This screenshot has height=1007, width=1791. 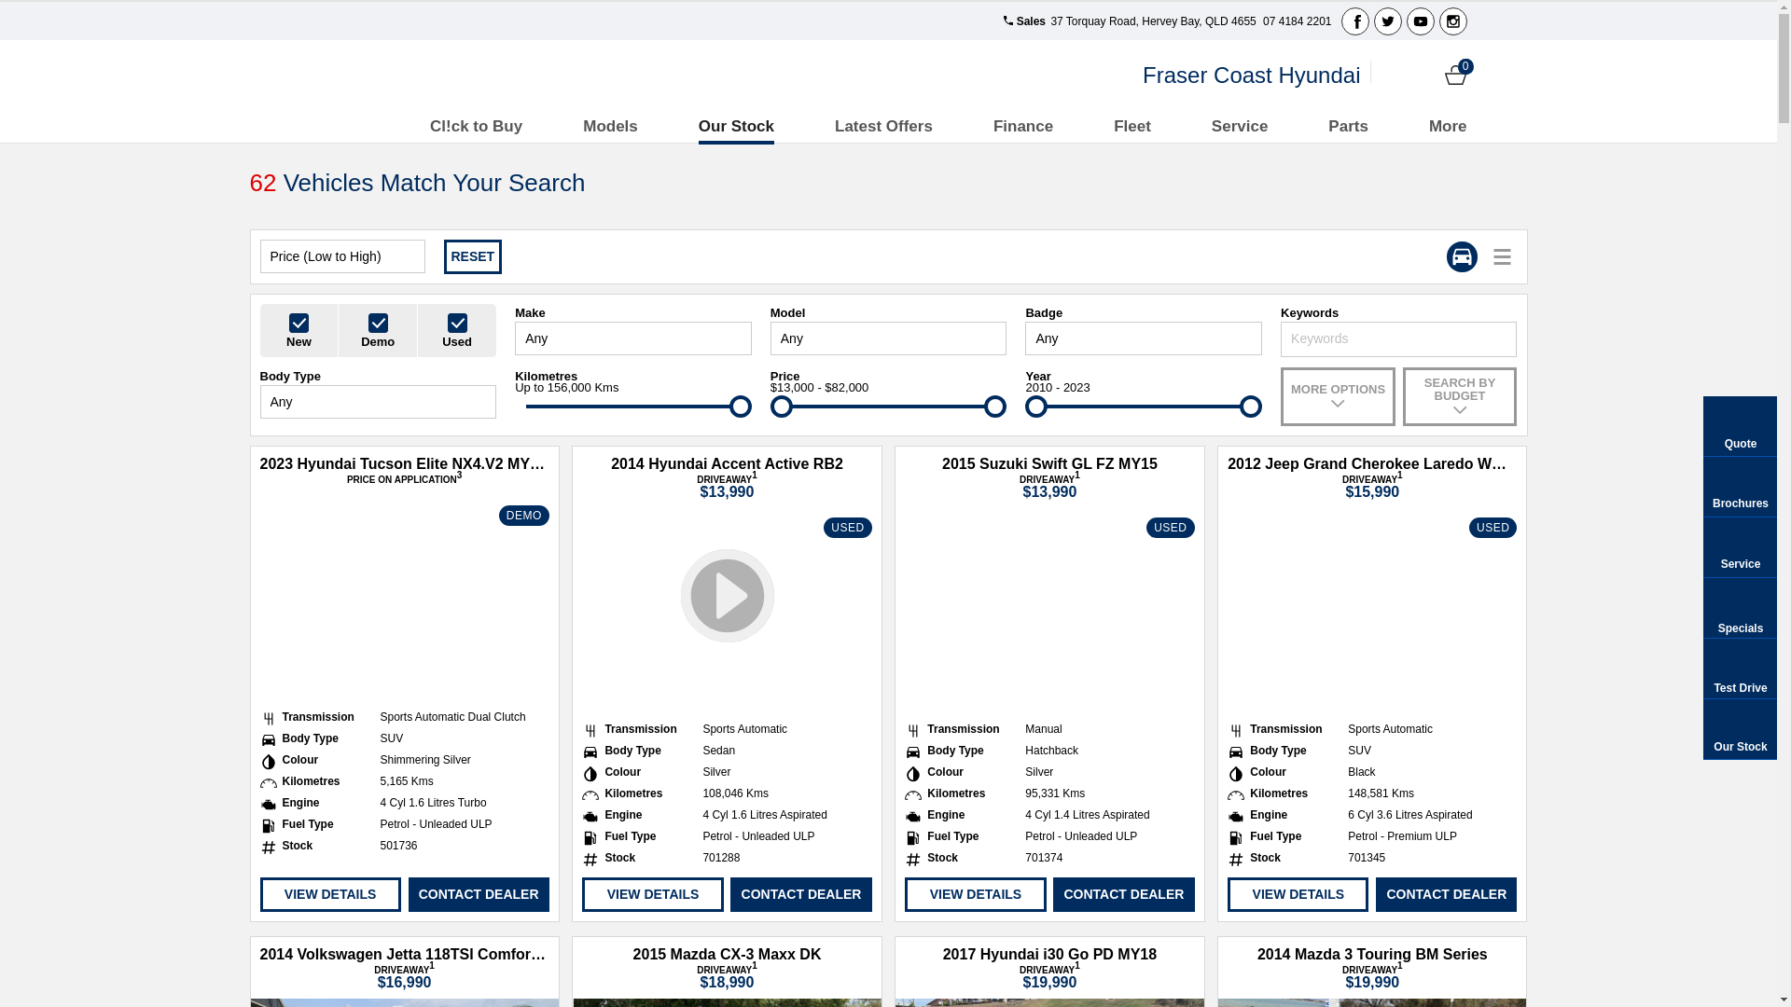 I want to click on '37 Torquay Road, Hervey Bay, QLD 4655', so click(x=1150, y=21).